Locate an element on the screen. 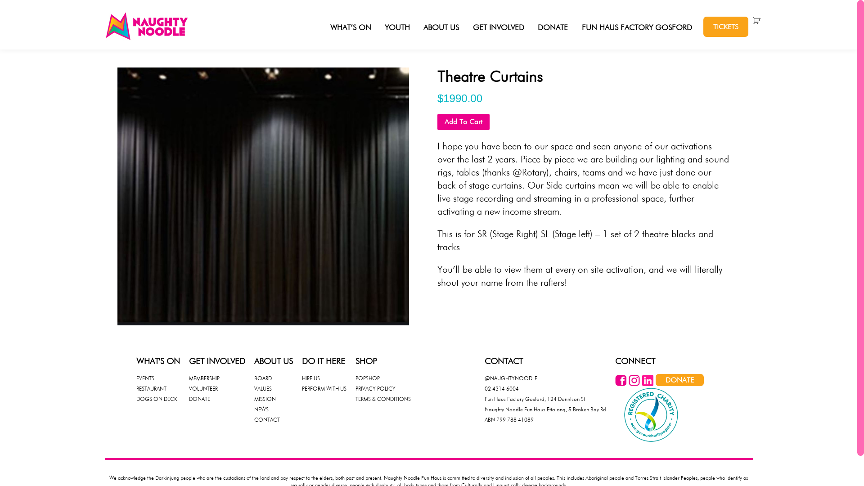  'CONTACT' is located at coordinates (266, 419).